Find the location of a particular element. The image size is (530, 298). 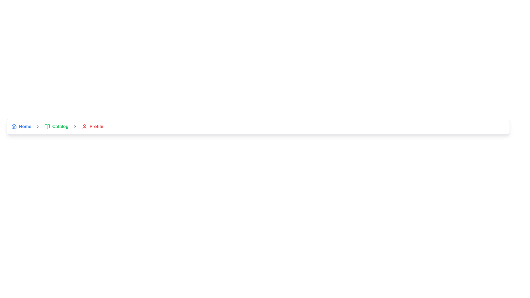

the right-pointing arrow icon located between the 'Catalog' and 'Profile' items in the breadcrumb navigation is located at coordinates (75, 127).